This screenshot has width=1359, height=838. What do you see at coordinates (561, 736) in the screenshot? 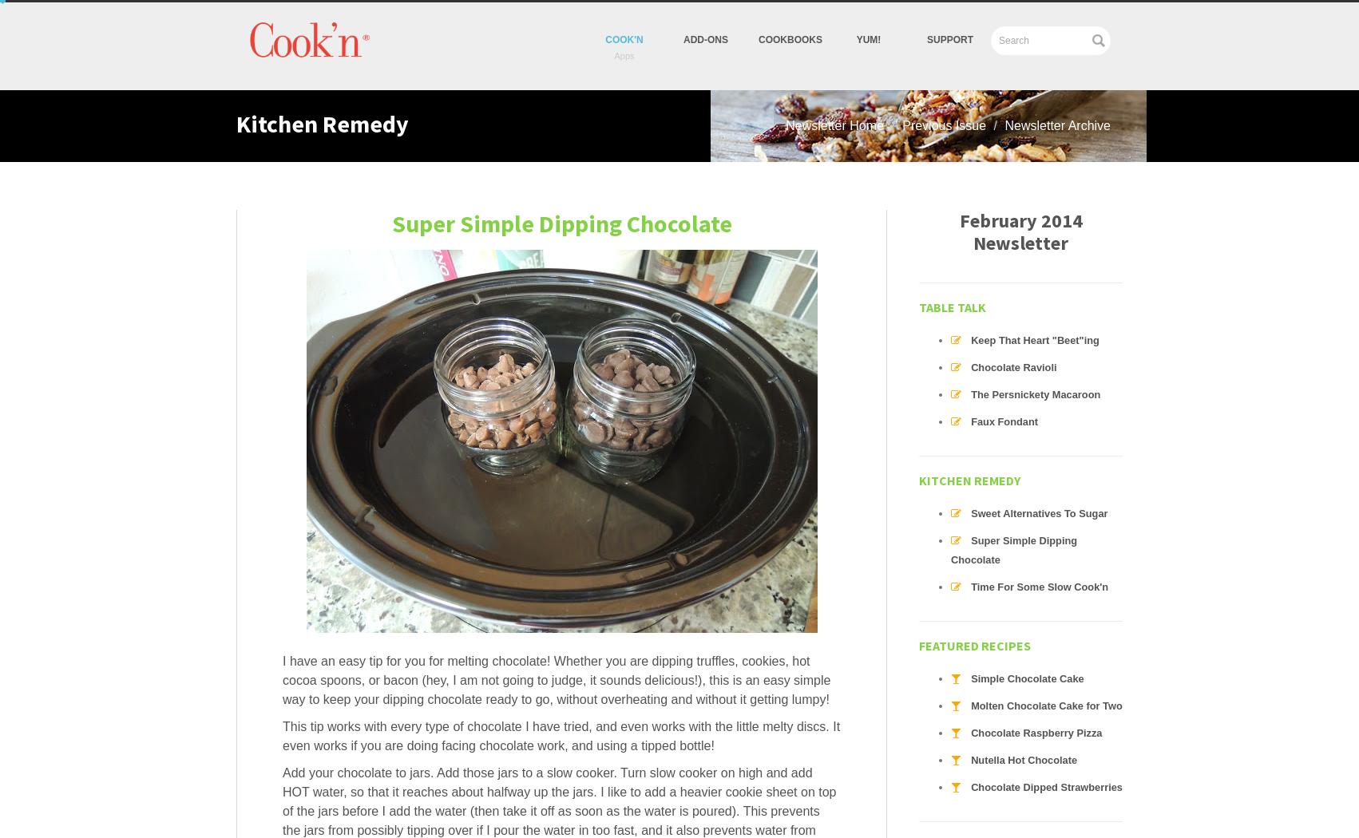
I see `'This tip works with every type of chocolate I have tried, and even works with the little melty discs. It even works if you are doing facing chocolate work, and using a tipped bottle!'` at bounding box center [561, 736].